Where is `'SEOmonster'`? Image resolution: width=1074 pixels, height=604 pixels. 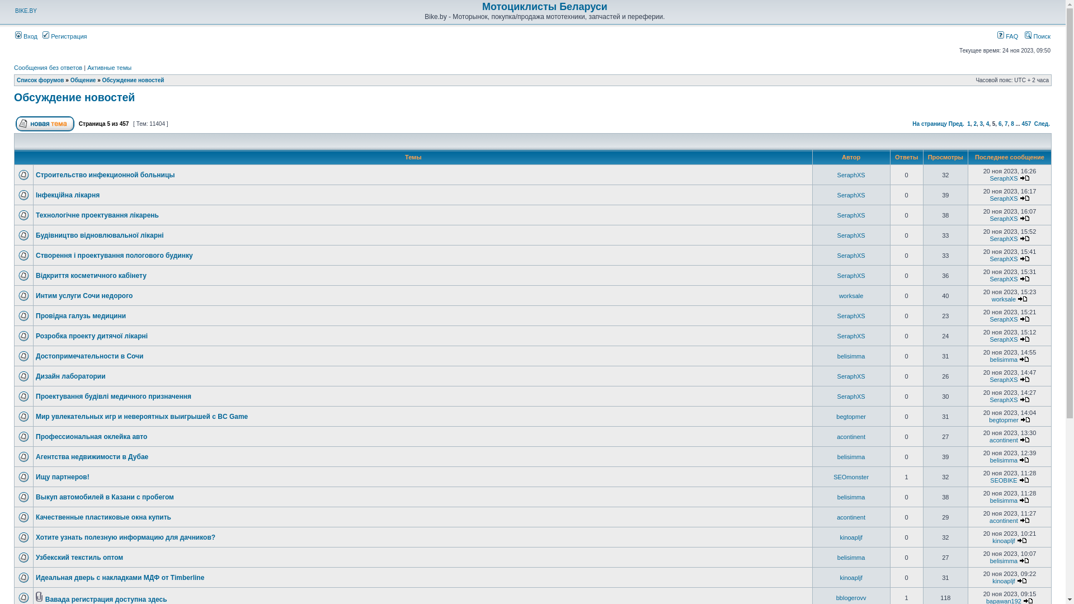 'SEOmonster' is located at coordinates (850, 476).